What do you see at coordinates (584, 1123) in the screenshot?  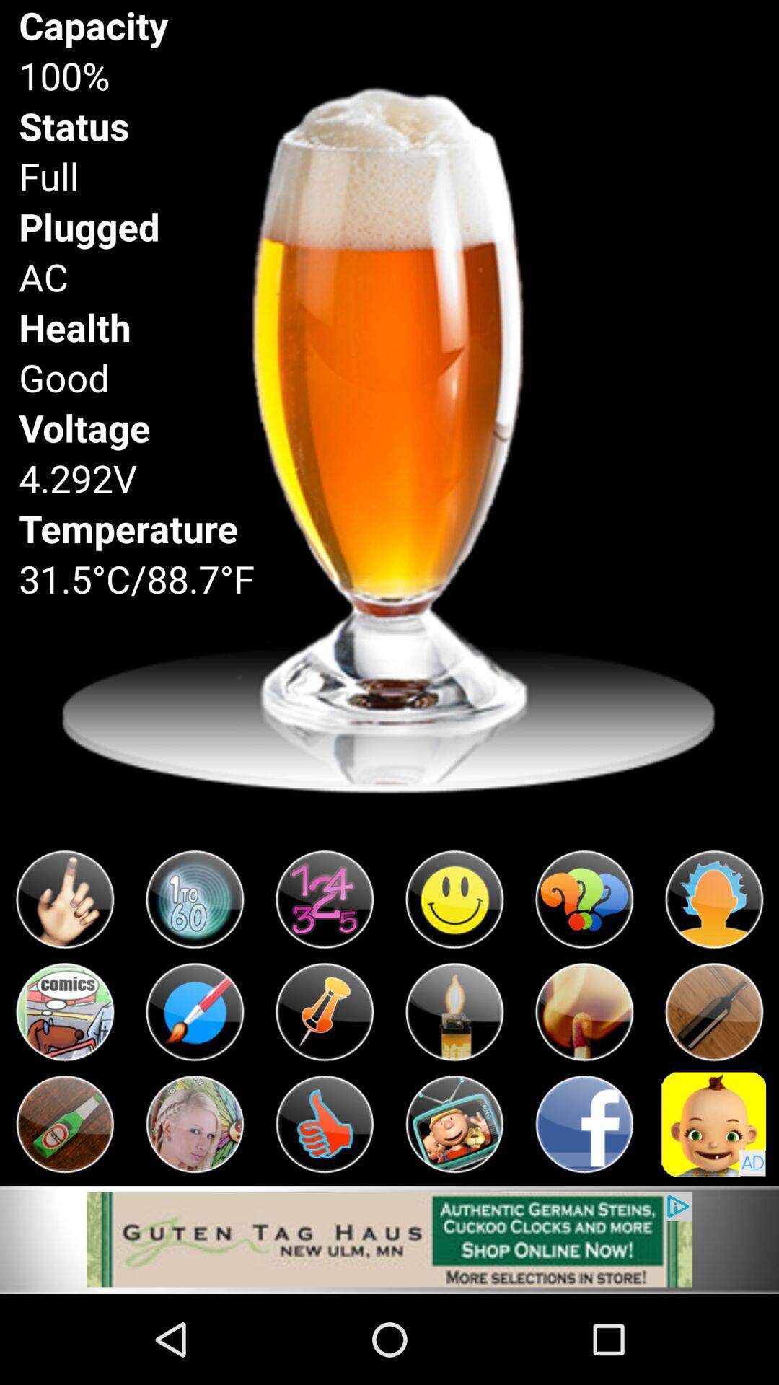 I see `app` at bounding box center [584, 1123].